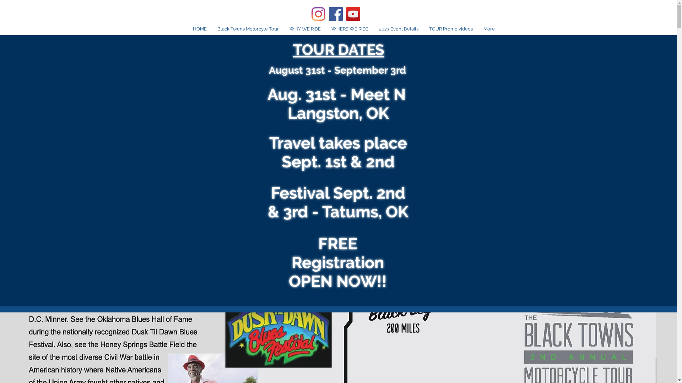 Image resolution: width=682 pixels, height=383 pixels. What do you see at coordinates (337, 152) in the screenshot?
I see `'Travel takes place Sept. 1st & 2nd'` at bounding box center [337, 152].